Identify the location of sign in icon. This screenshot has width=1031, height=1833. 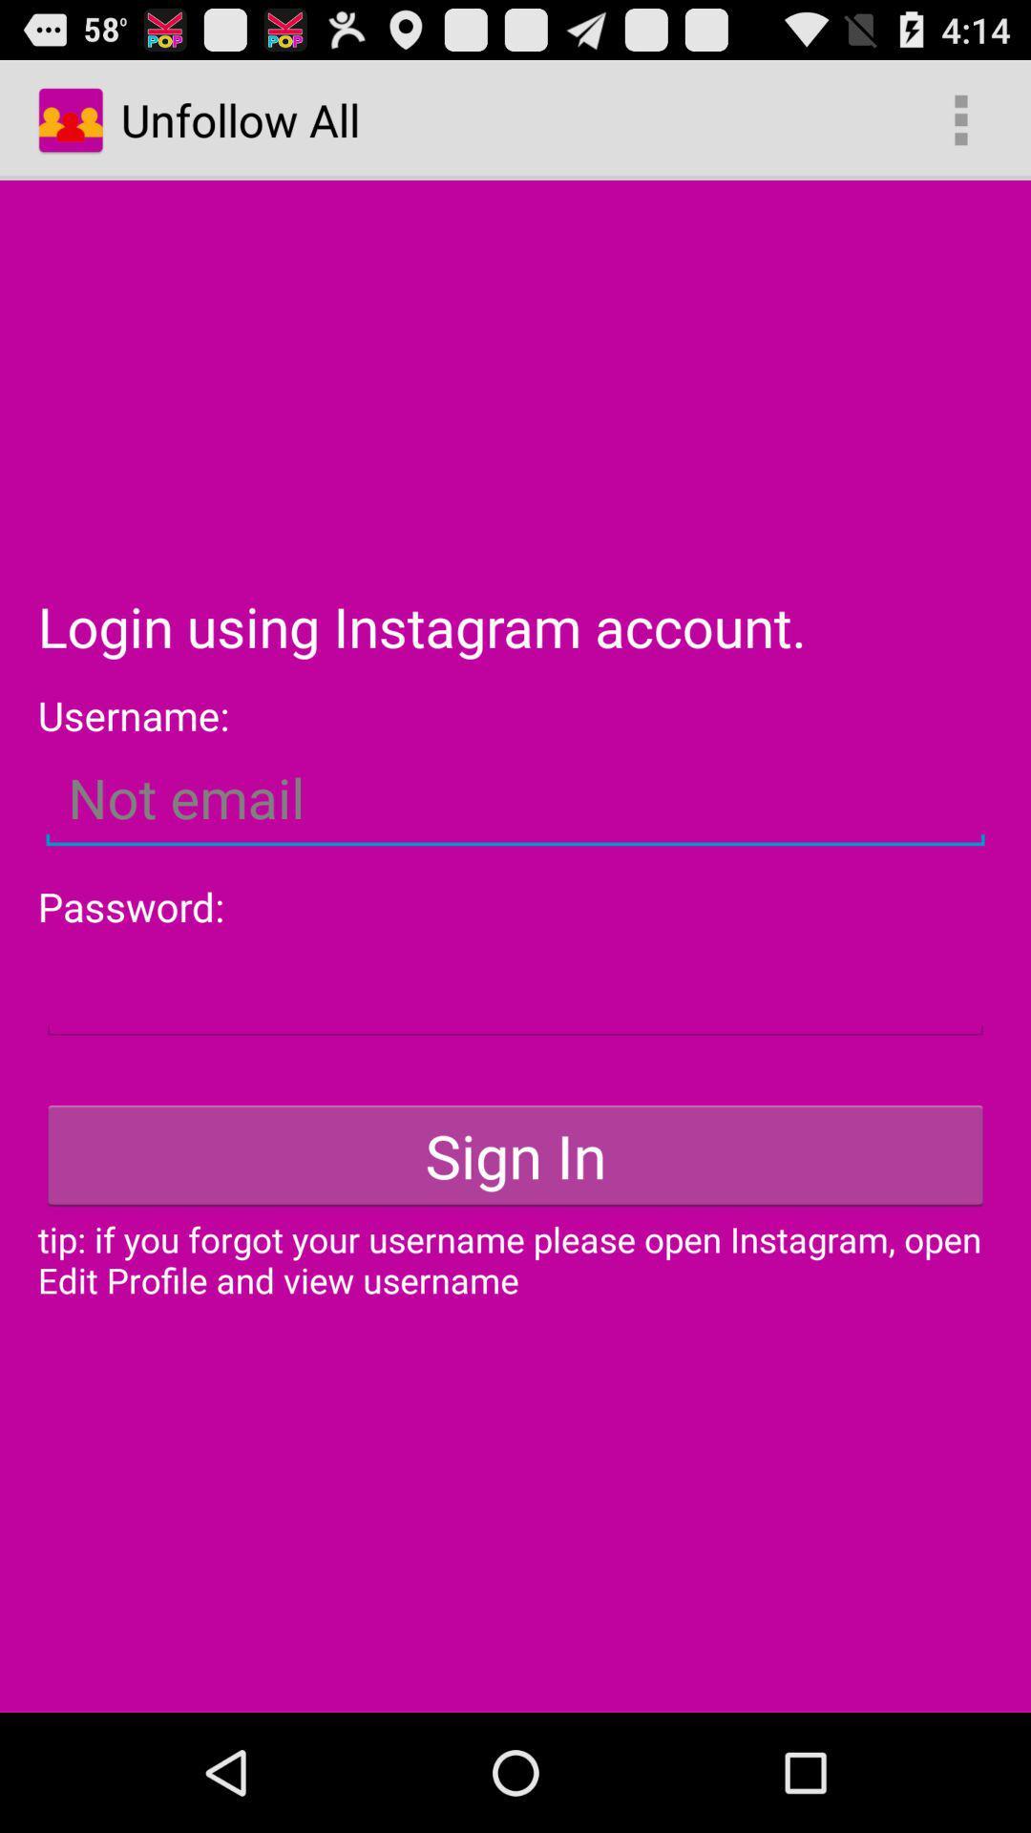
(515, 1154).